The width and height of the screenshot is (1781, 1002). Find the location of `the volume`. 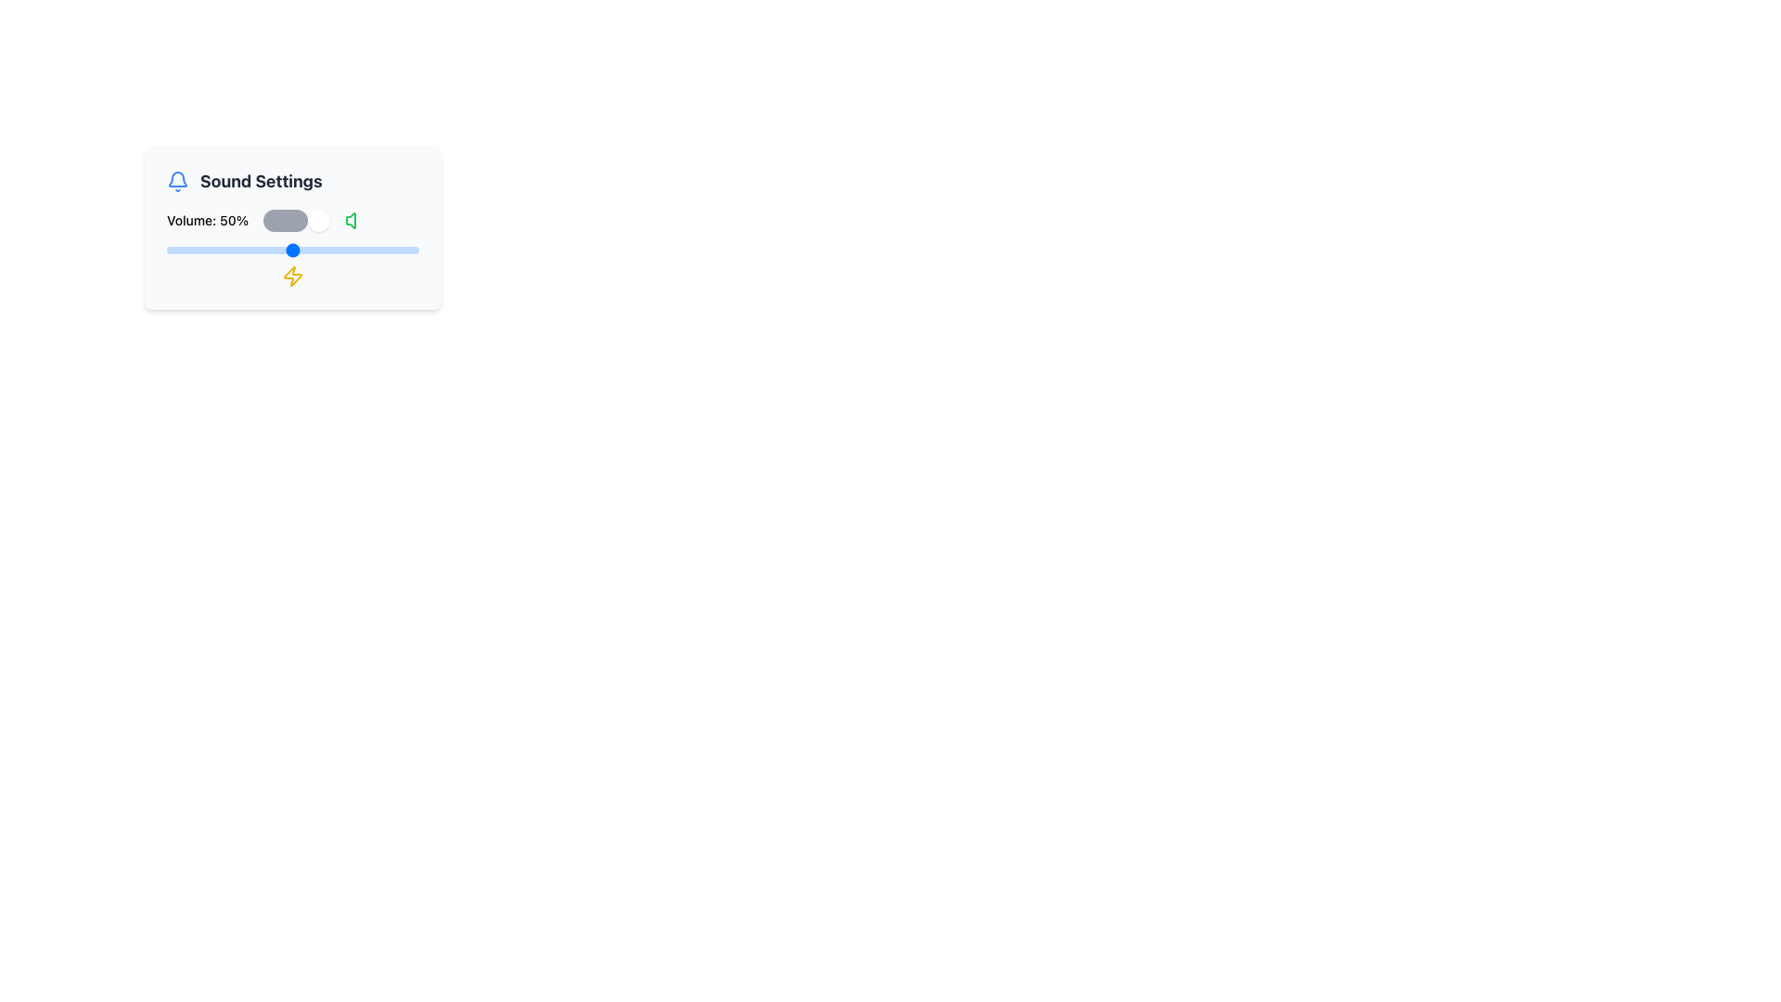

the volume is located at coordinates (257, 250).